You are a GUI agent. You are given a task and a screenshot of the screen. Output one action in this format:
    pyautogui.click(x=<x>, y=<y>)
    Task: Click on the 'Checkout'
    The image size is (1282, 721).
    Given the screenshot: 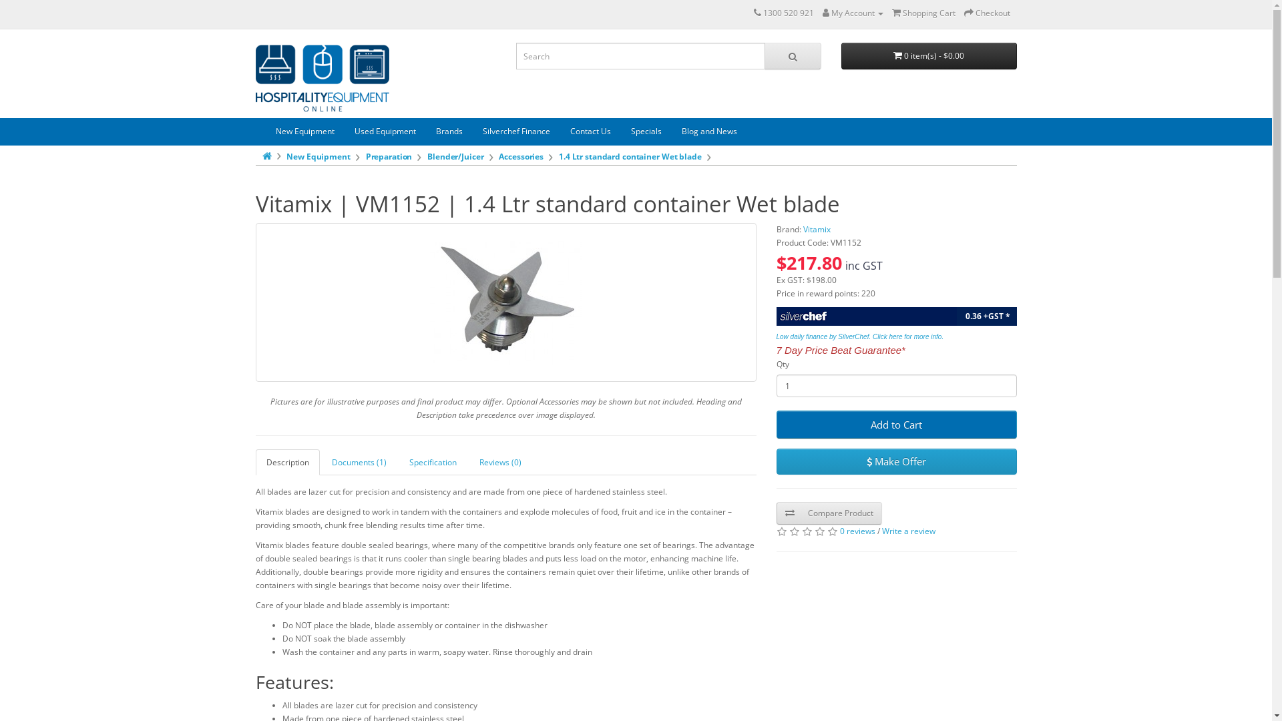 What is the action you would take?
    pyautogui.click(x=964, y=13)
    